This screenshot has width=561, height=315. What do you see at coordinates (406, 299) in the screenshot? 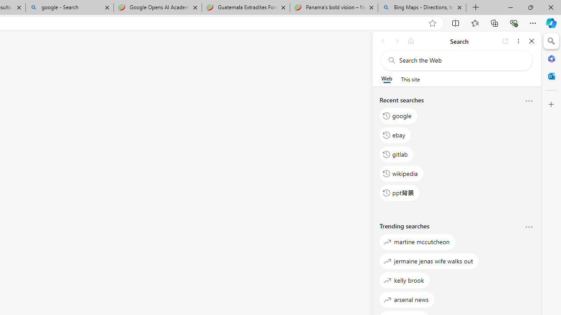
I see `'arsenal news'` at bounding box center [406, 299].